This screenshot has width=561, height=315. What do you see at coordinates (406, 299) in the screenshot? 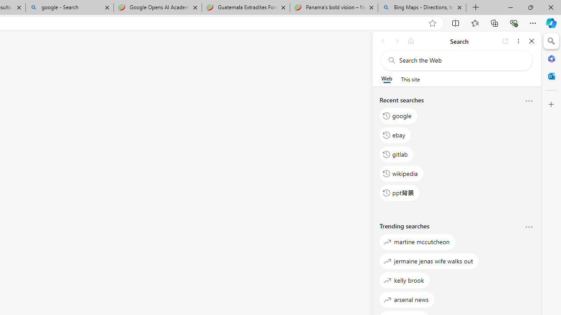
I see `'arsenal news'` at bounding box center [406, 299].